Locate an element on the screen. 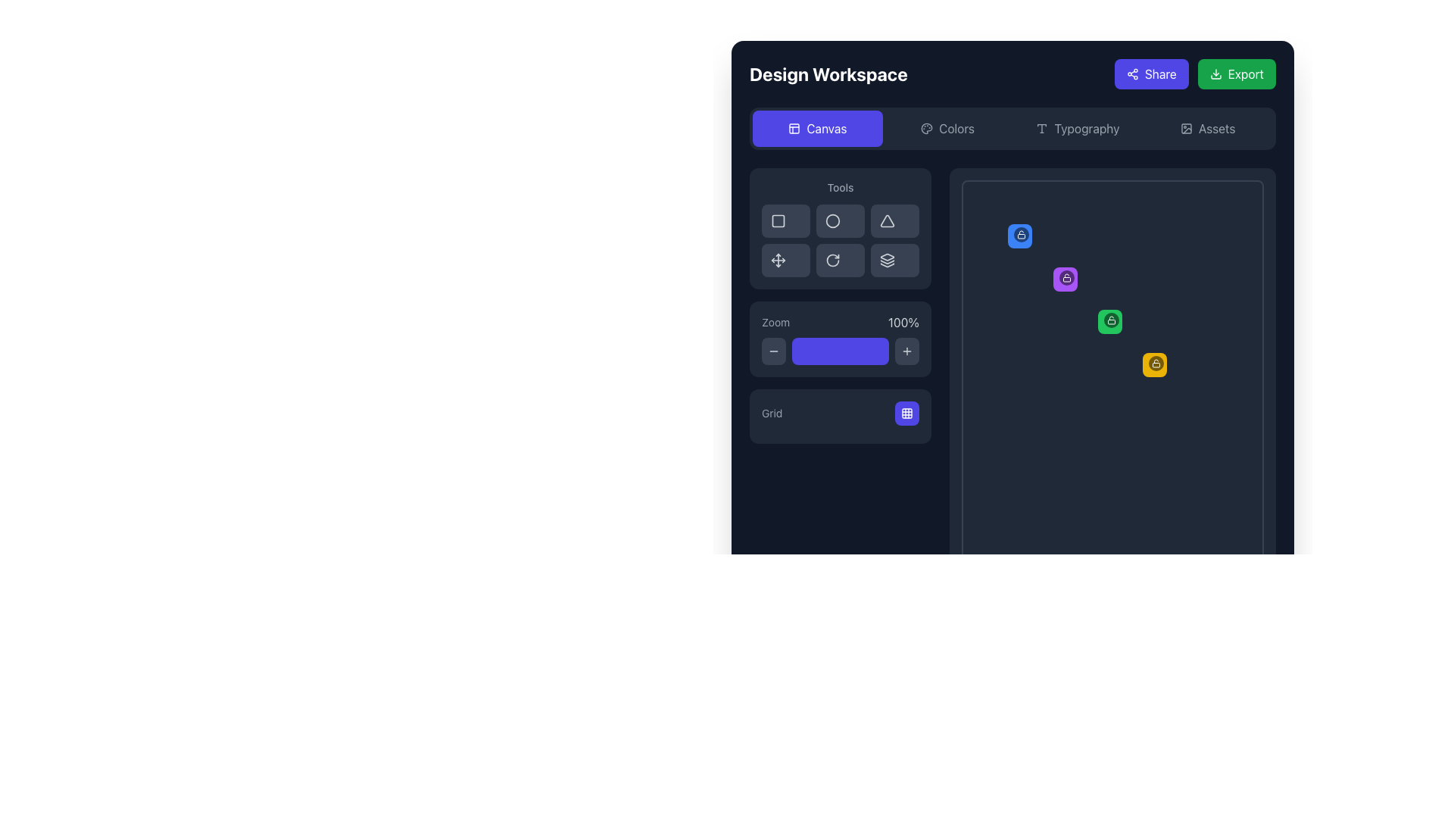  the compact '+' icon button located in the 'Tools' section is located at coordinates (907, 351).